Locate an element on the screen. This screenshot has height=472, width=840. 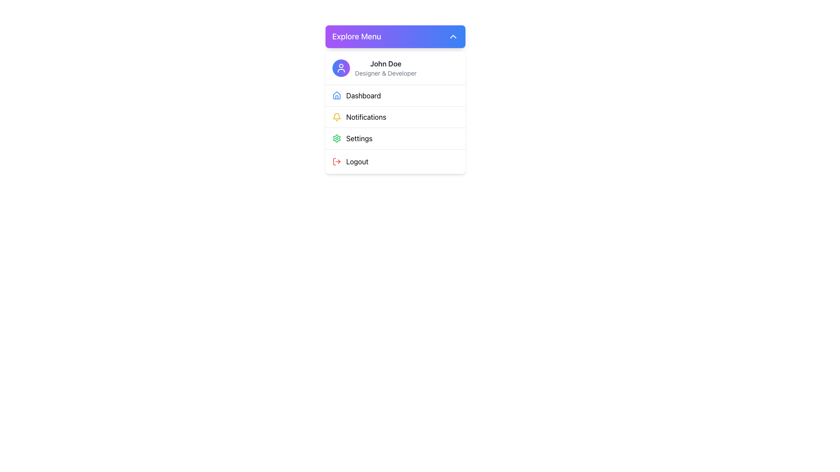
the first item in the dropdown menu labeled 'Explore Menu' is located at coordinates (395, 96).